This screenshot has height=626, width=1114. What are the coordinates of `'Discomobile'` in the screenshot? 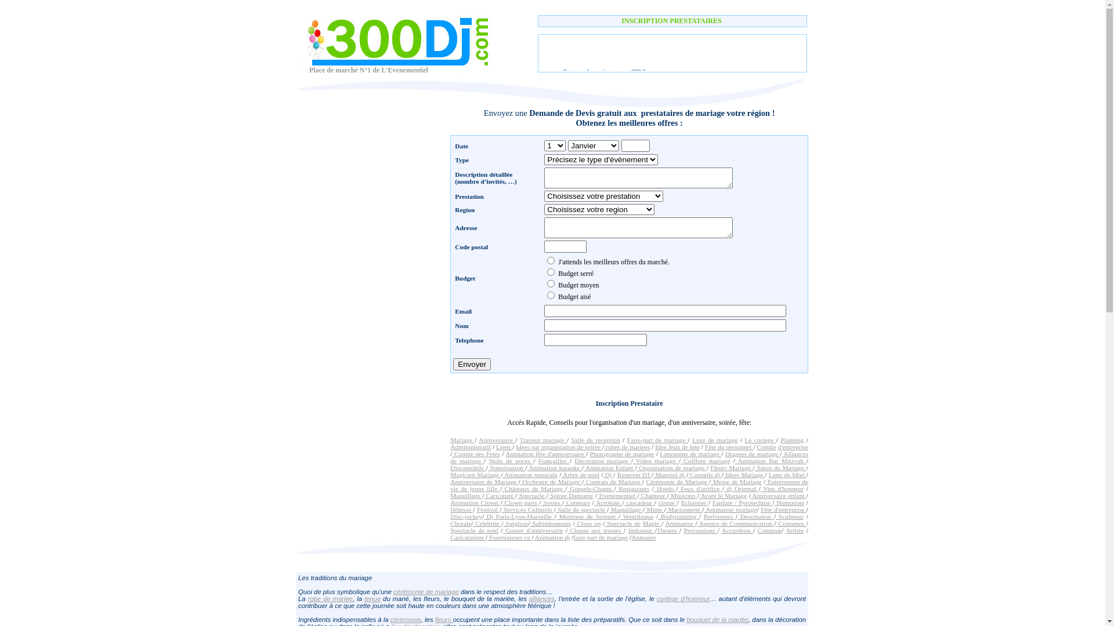 It's located at (468, 467).